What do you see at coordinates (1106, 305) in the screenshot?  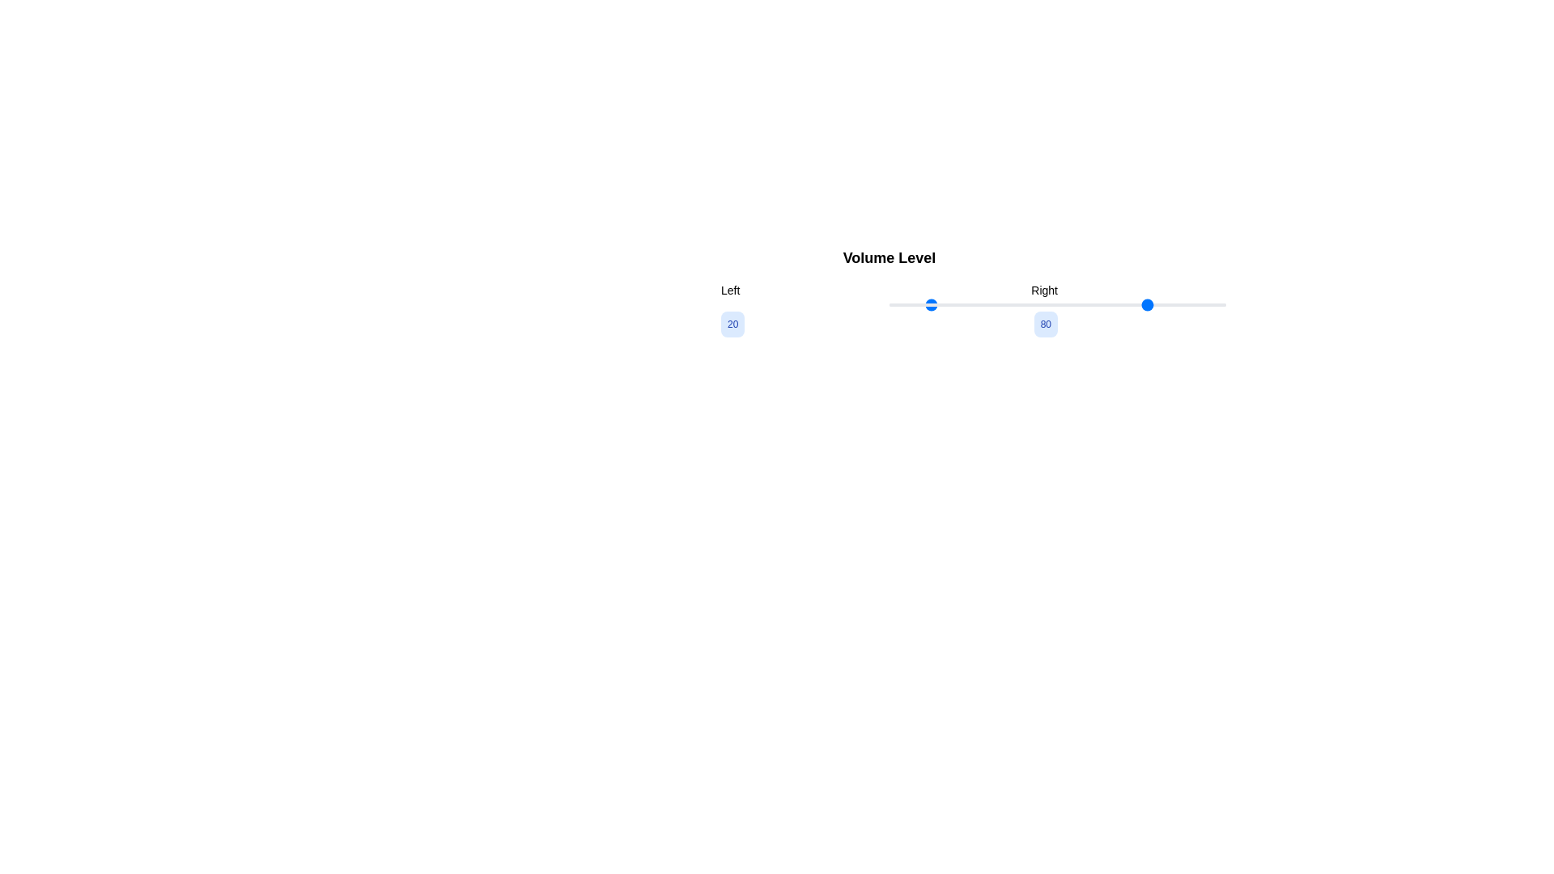 I see `the slider value` at bounding box center [1106, 305].